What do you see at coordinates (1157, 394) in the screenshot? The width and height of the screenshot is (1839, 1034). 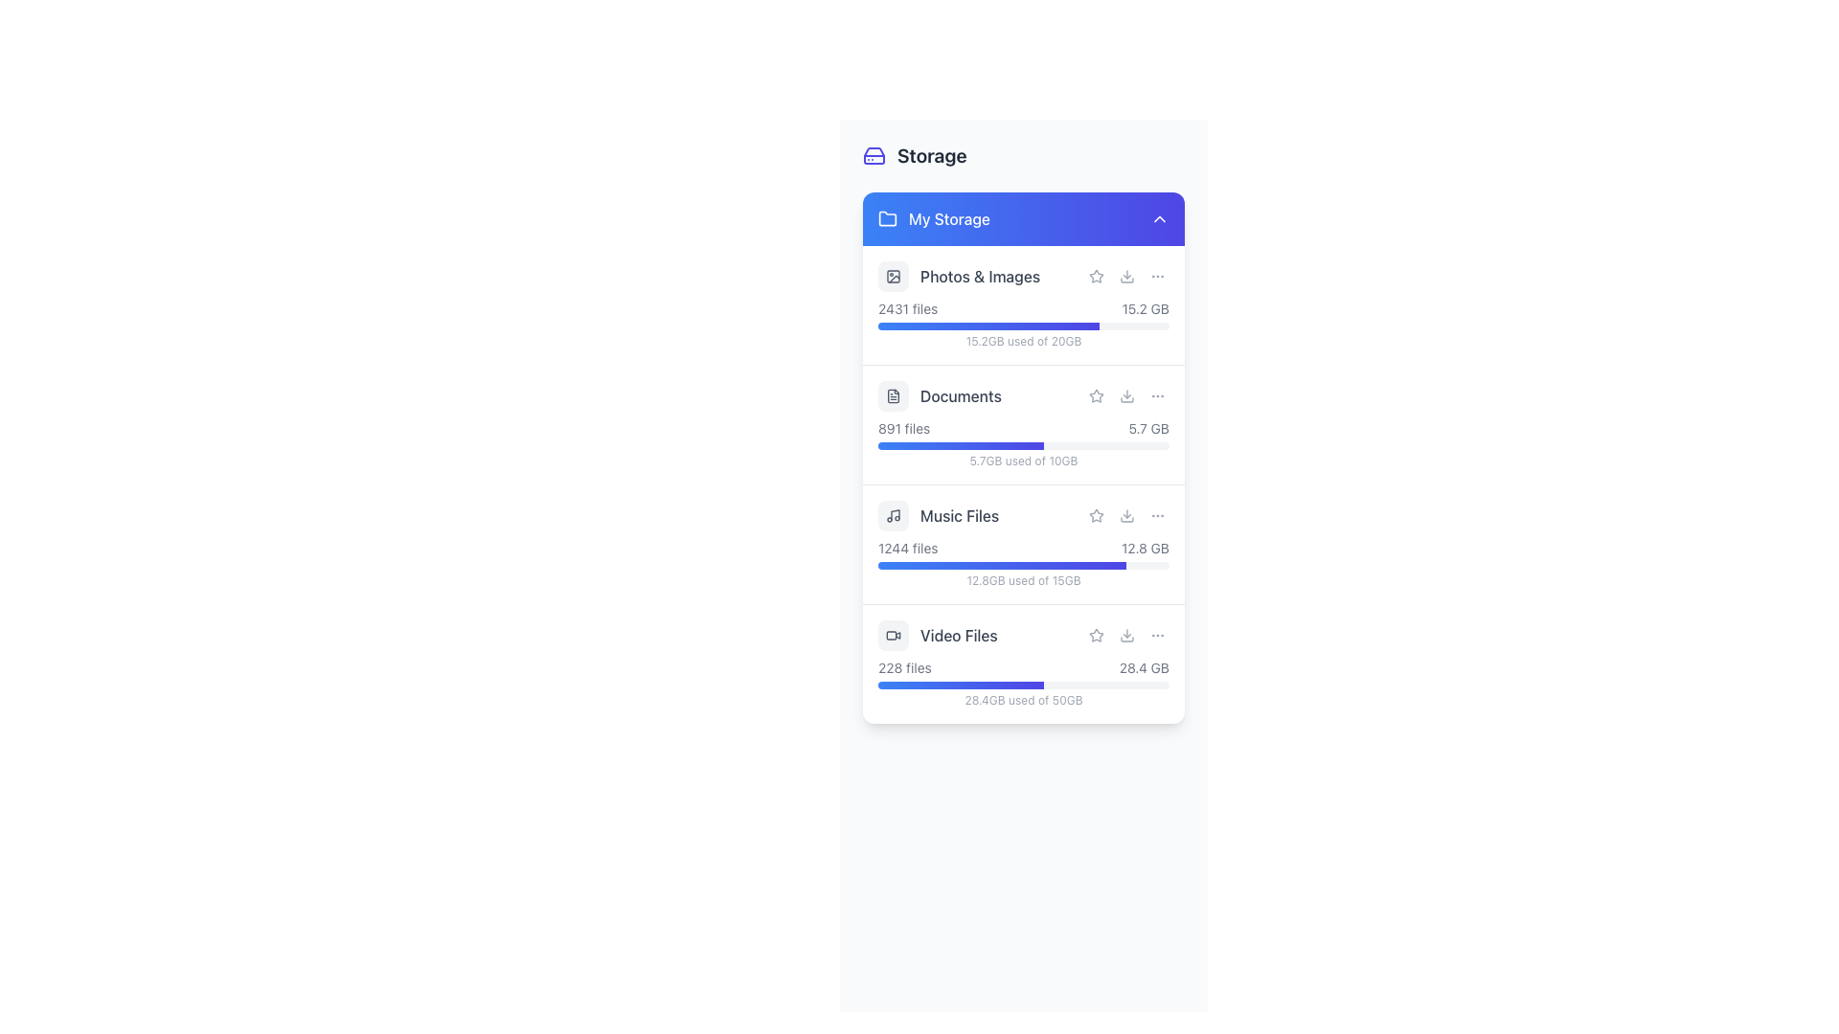 I see `the circular button with three vertically aligned dots located at the far right of the 'Documents' section in the storage interface` at bounding box center [1157, 394].